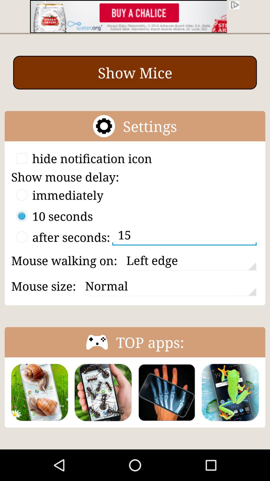  What do you see at coordinates (81, 158) in the screenshot?
I see `the option hide notification icon along with the check box beside it` at bounding box center [81, 158].